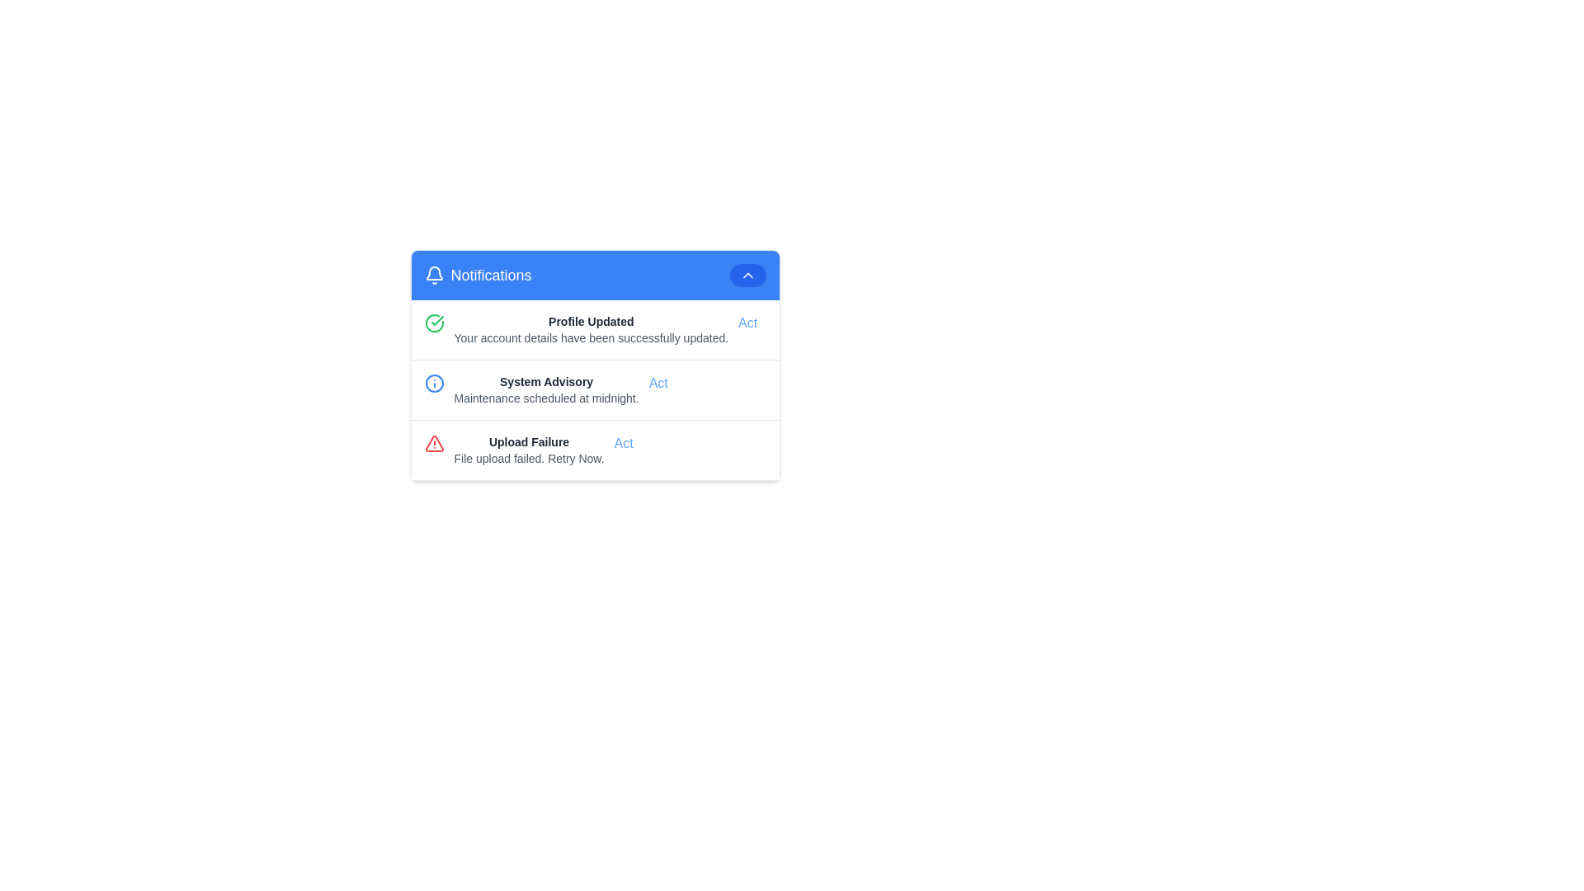  What do you see at coordinates (434, 275) in the screenshot?
I see `the bell-shaped notification icon located in the header section of the notifications panel, which is positioned to the left of the text 'Notifications'` at bounding box center [434, 275].